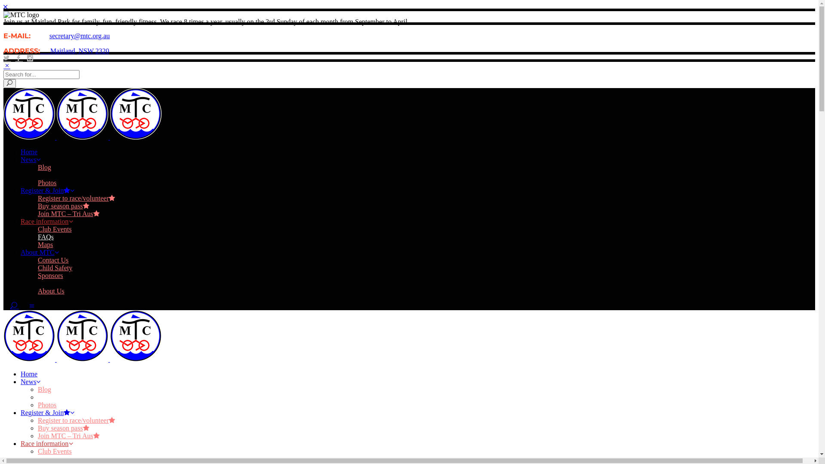 The image size is (825, 464). I want to click on 'Blog', so click(44, 167).